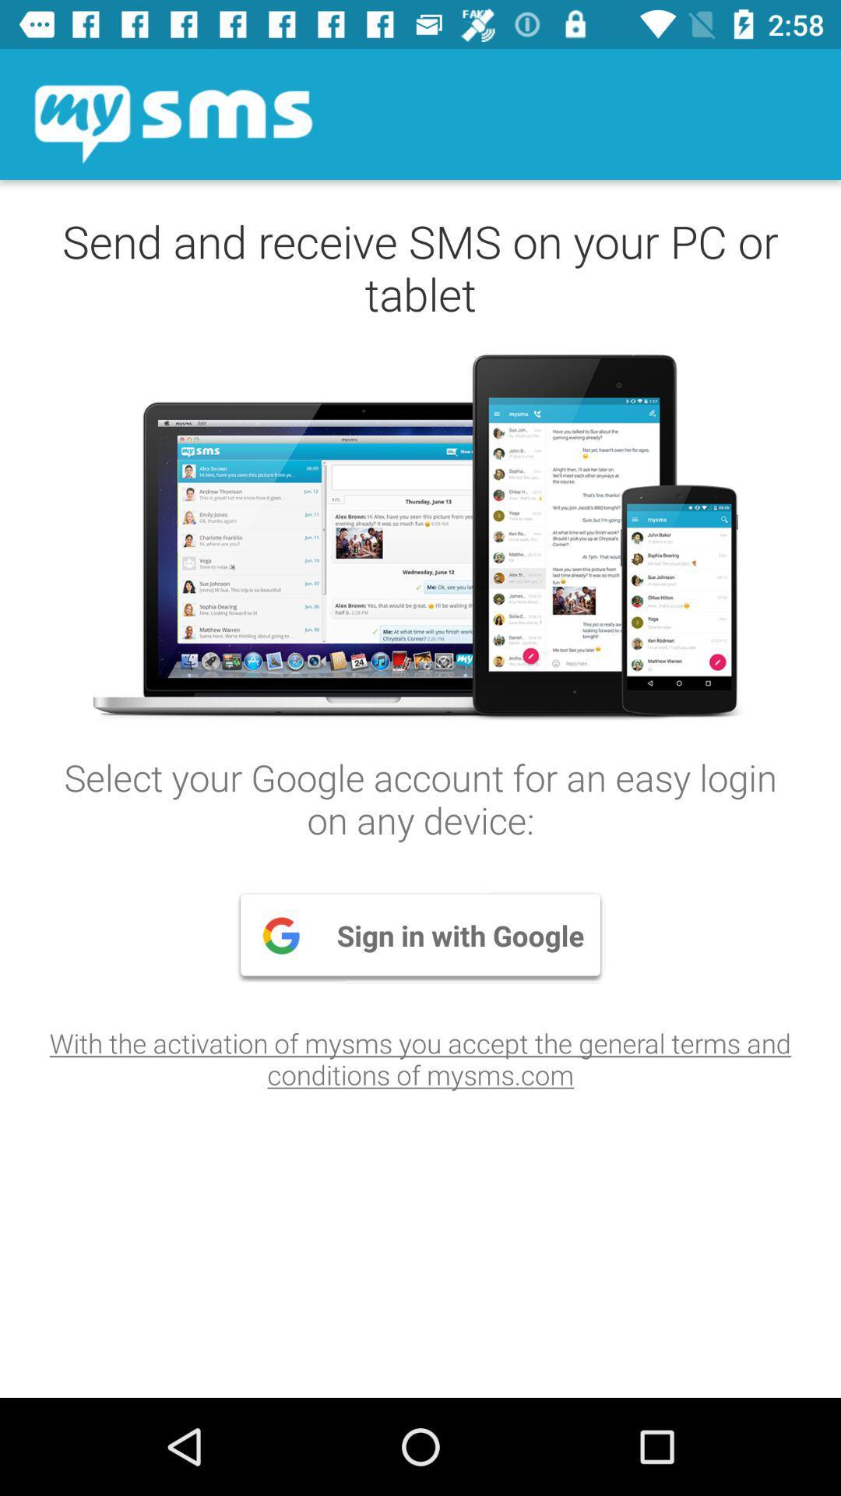 This screenshot has width=841, height=1496. I want to click on sign in with, so click(420, 935).